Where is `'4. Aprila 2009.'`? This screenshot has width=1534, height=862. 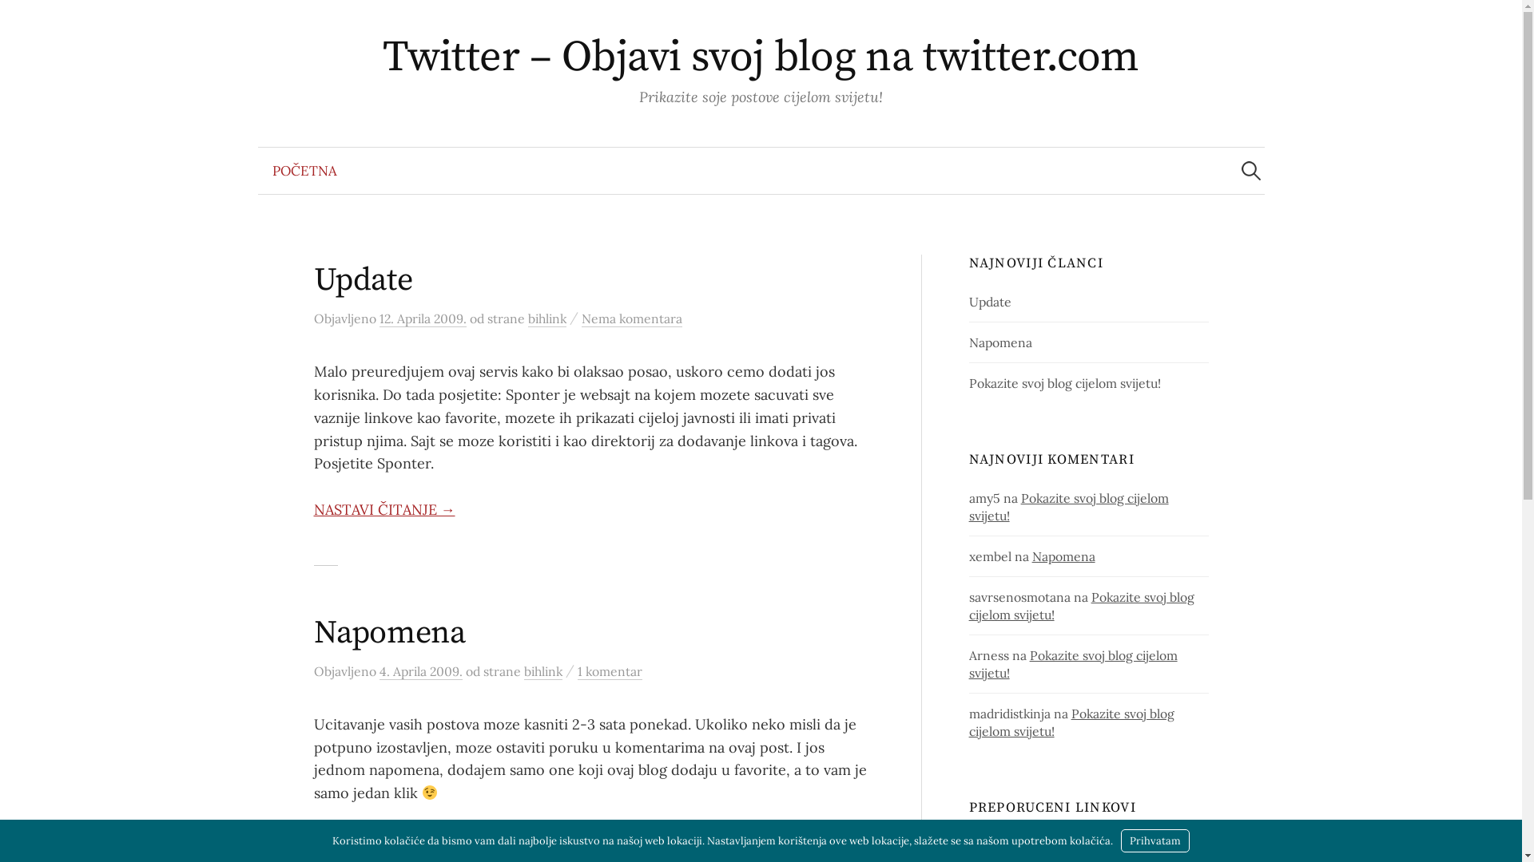 '4. Aprila 2009.' is located at coordinates (420, 671).